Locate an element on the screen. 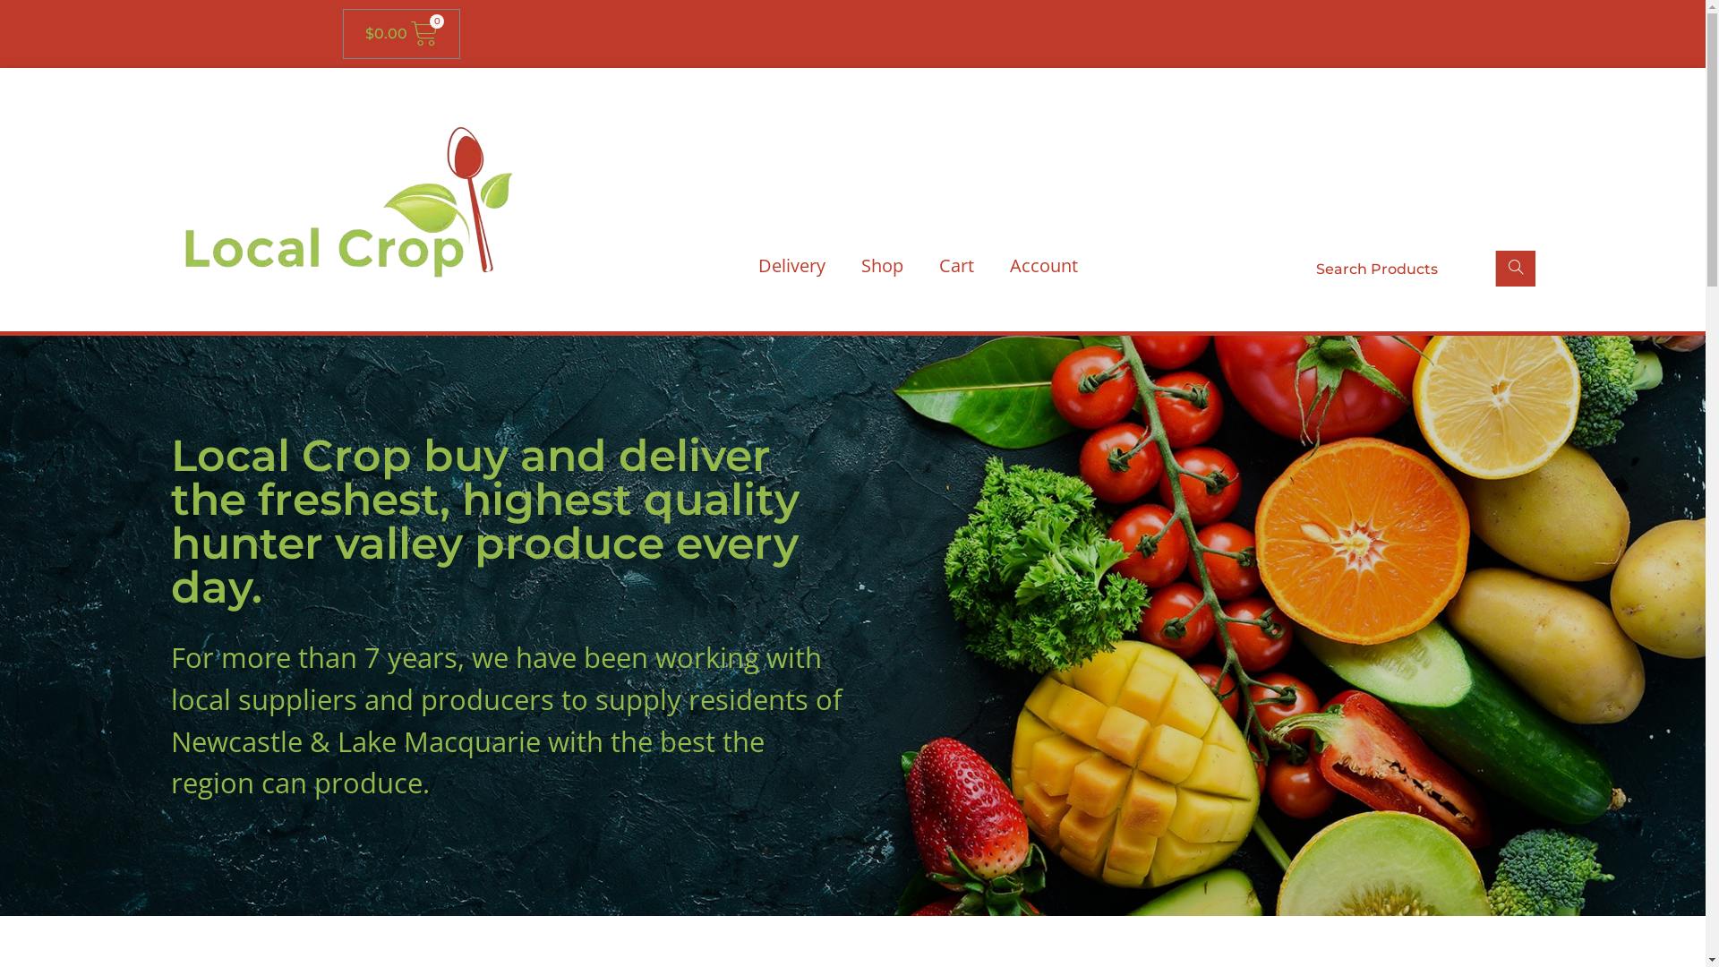 The width and height of the screenshot is (1719, 967). 'Search' is located at coordinates (1514, 269).